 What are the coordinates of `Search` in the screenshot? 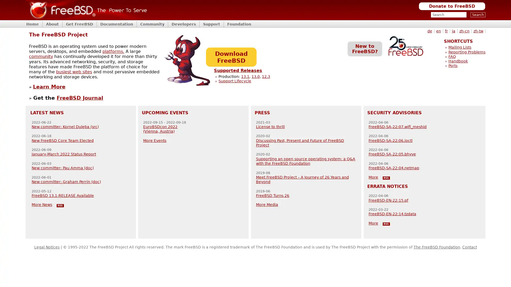 It's located at (478, 14).